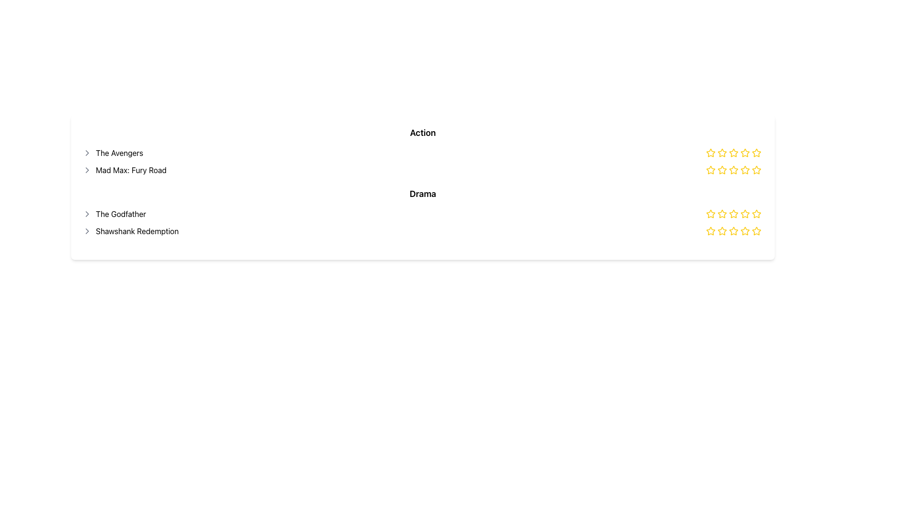 The width and height of the screenshot is (916, 515). I want to click on the third star icon in the second row of the star-based rating component to provide a rating for 'Mad Max: Fury Road', so click(710, 169).